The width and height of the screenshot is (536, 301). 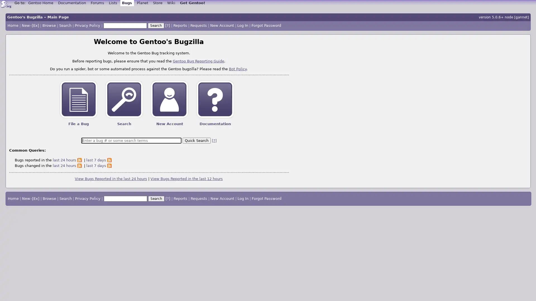 I want to click on Search, so click(x=156, y=198).